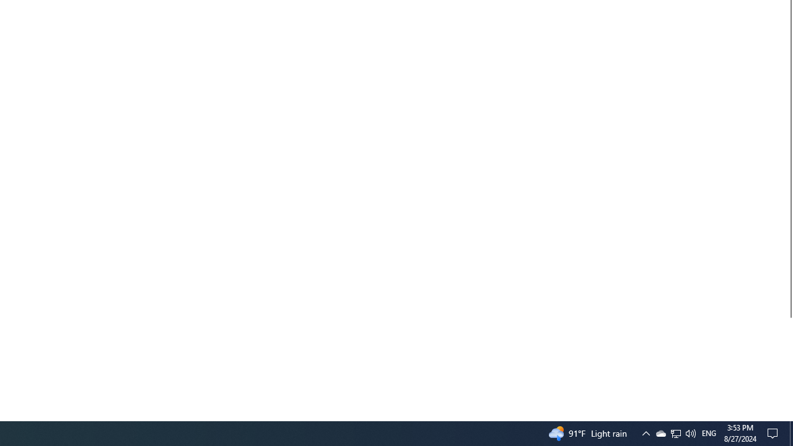  What do you see at coordinates (774, 432) in the screenshot?
I see `'Action Center, No new notifications'` at bounding box center [774, 432].